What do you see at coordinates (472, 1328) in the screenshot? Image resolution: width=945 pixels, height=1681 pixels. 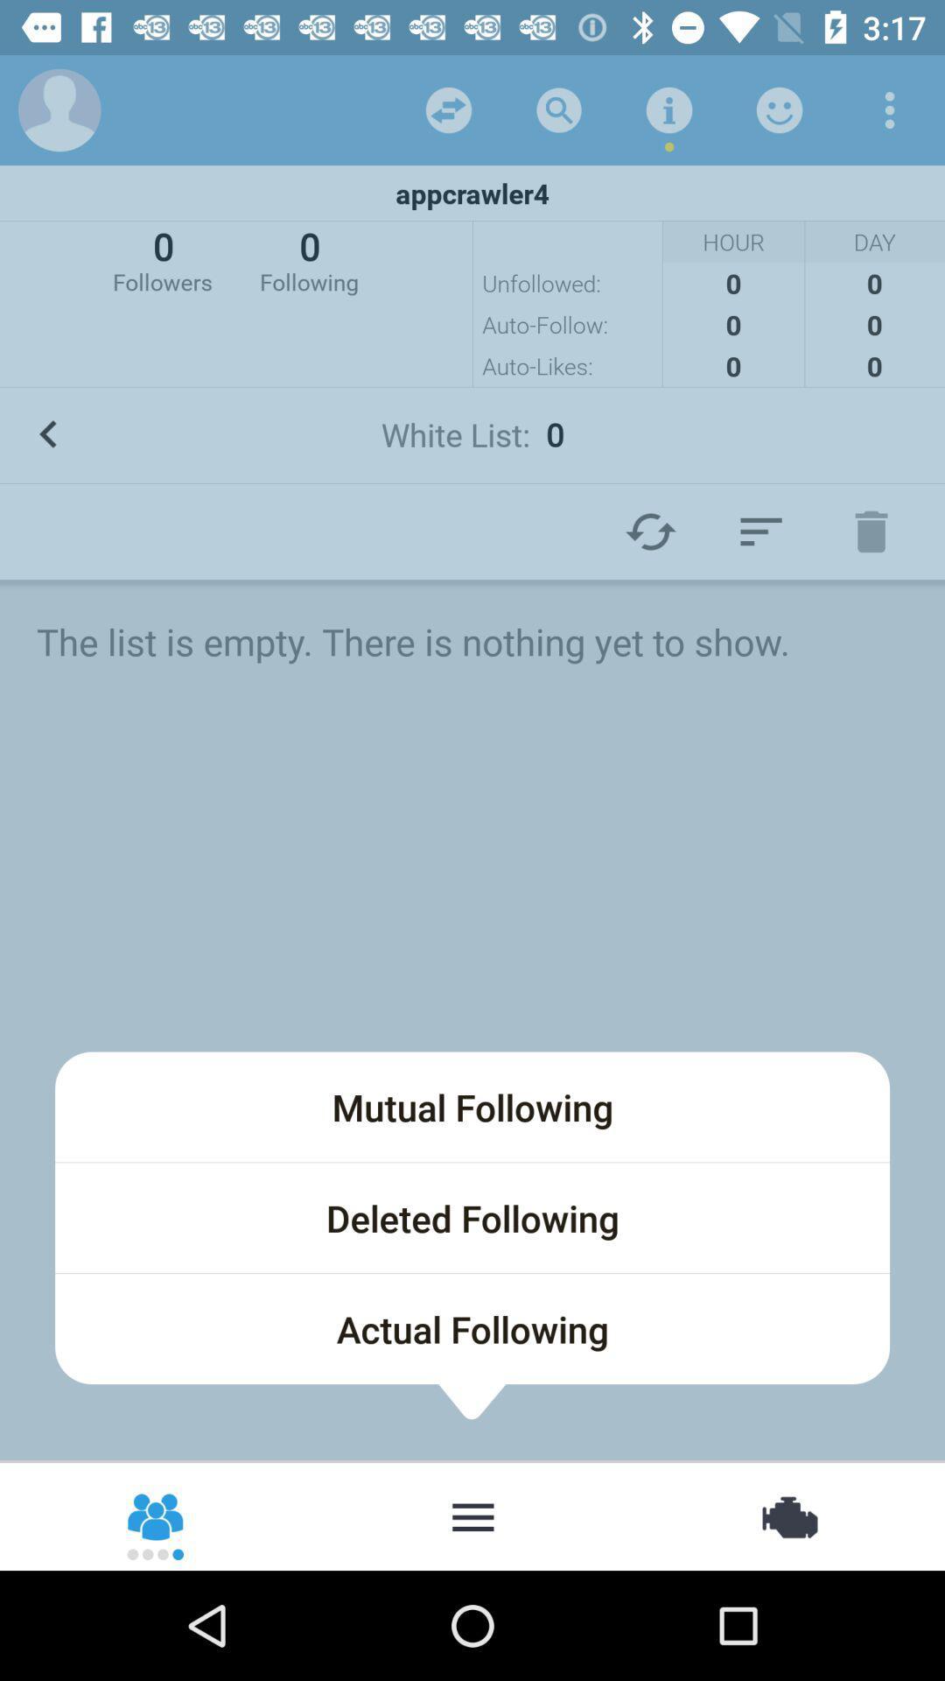 I see `the actual following` at bounding box center [472, 1328].